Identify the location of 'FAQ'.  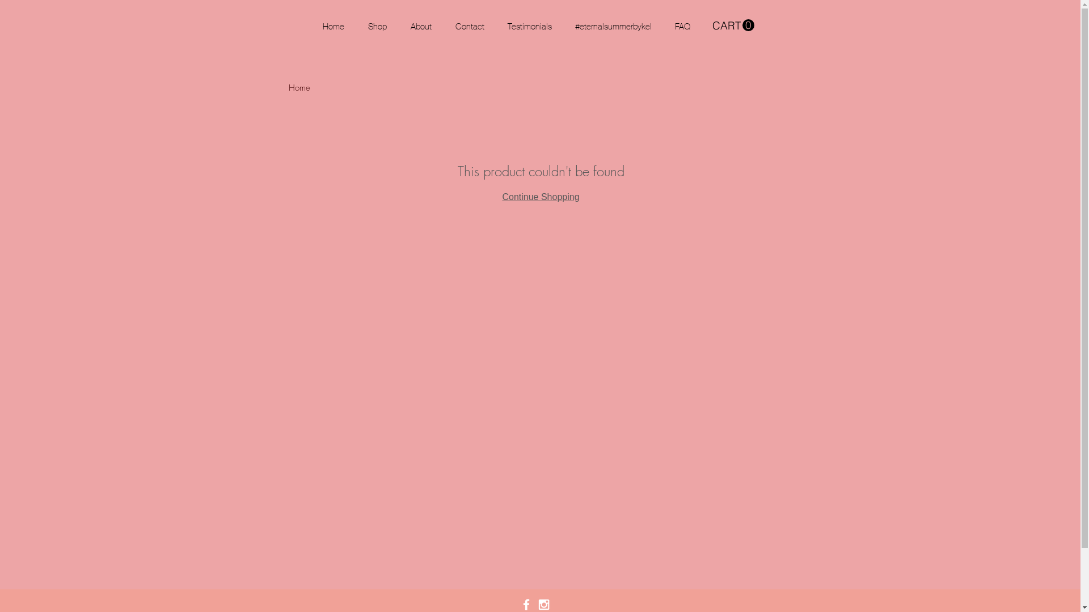
(693, 25).